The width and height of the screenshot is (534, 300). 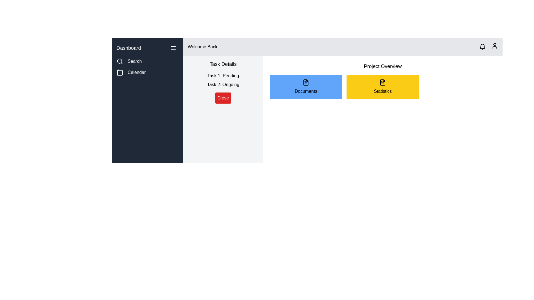 I want to click on the magnifying glass icon located on the left sidebar, near the top, adjacent to the text 'Search', so click(x=120, y=61).